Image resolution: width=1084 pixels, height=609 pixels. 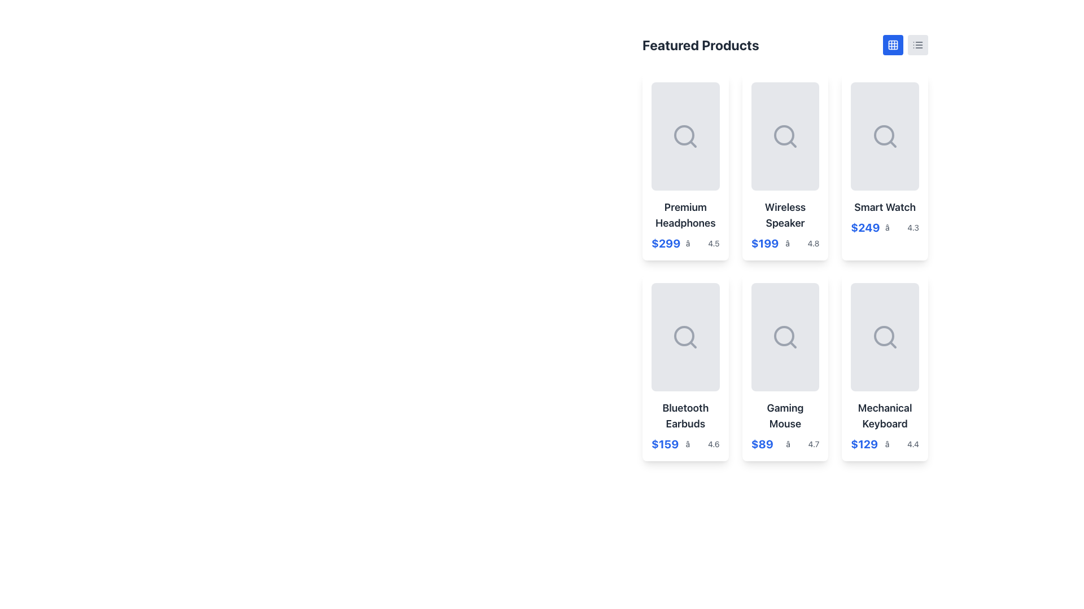 I want to click on the square-shaped button with a blue background and white grid-like graphical content located in the top-right corner beside a gray button, so click(x=893, y=45).